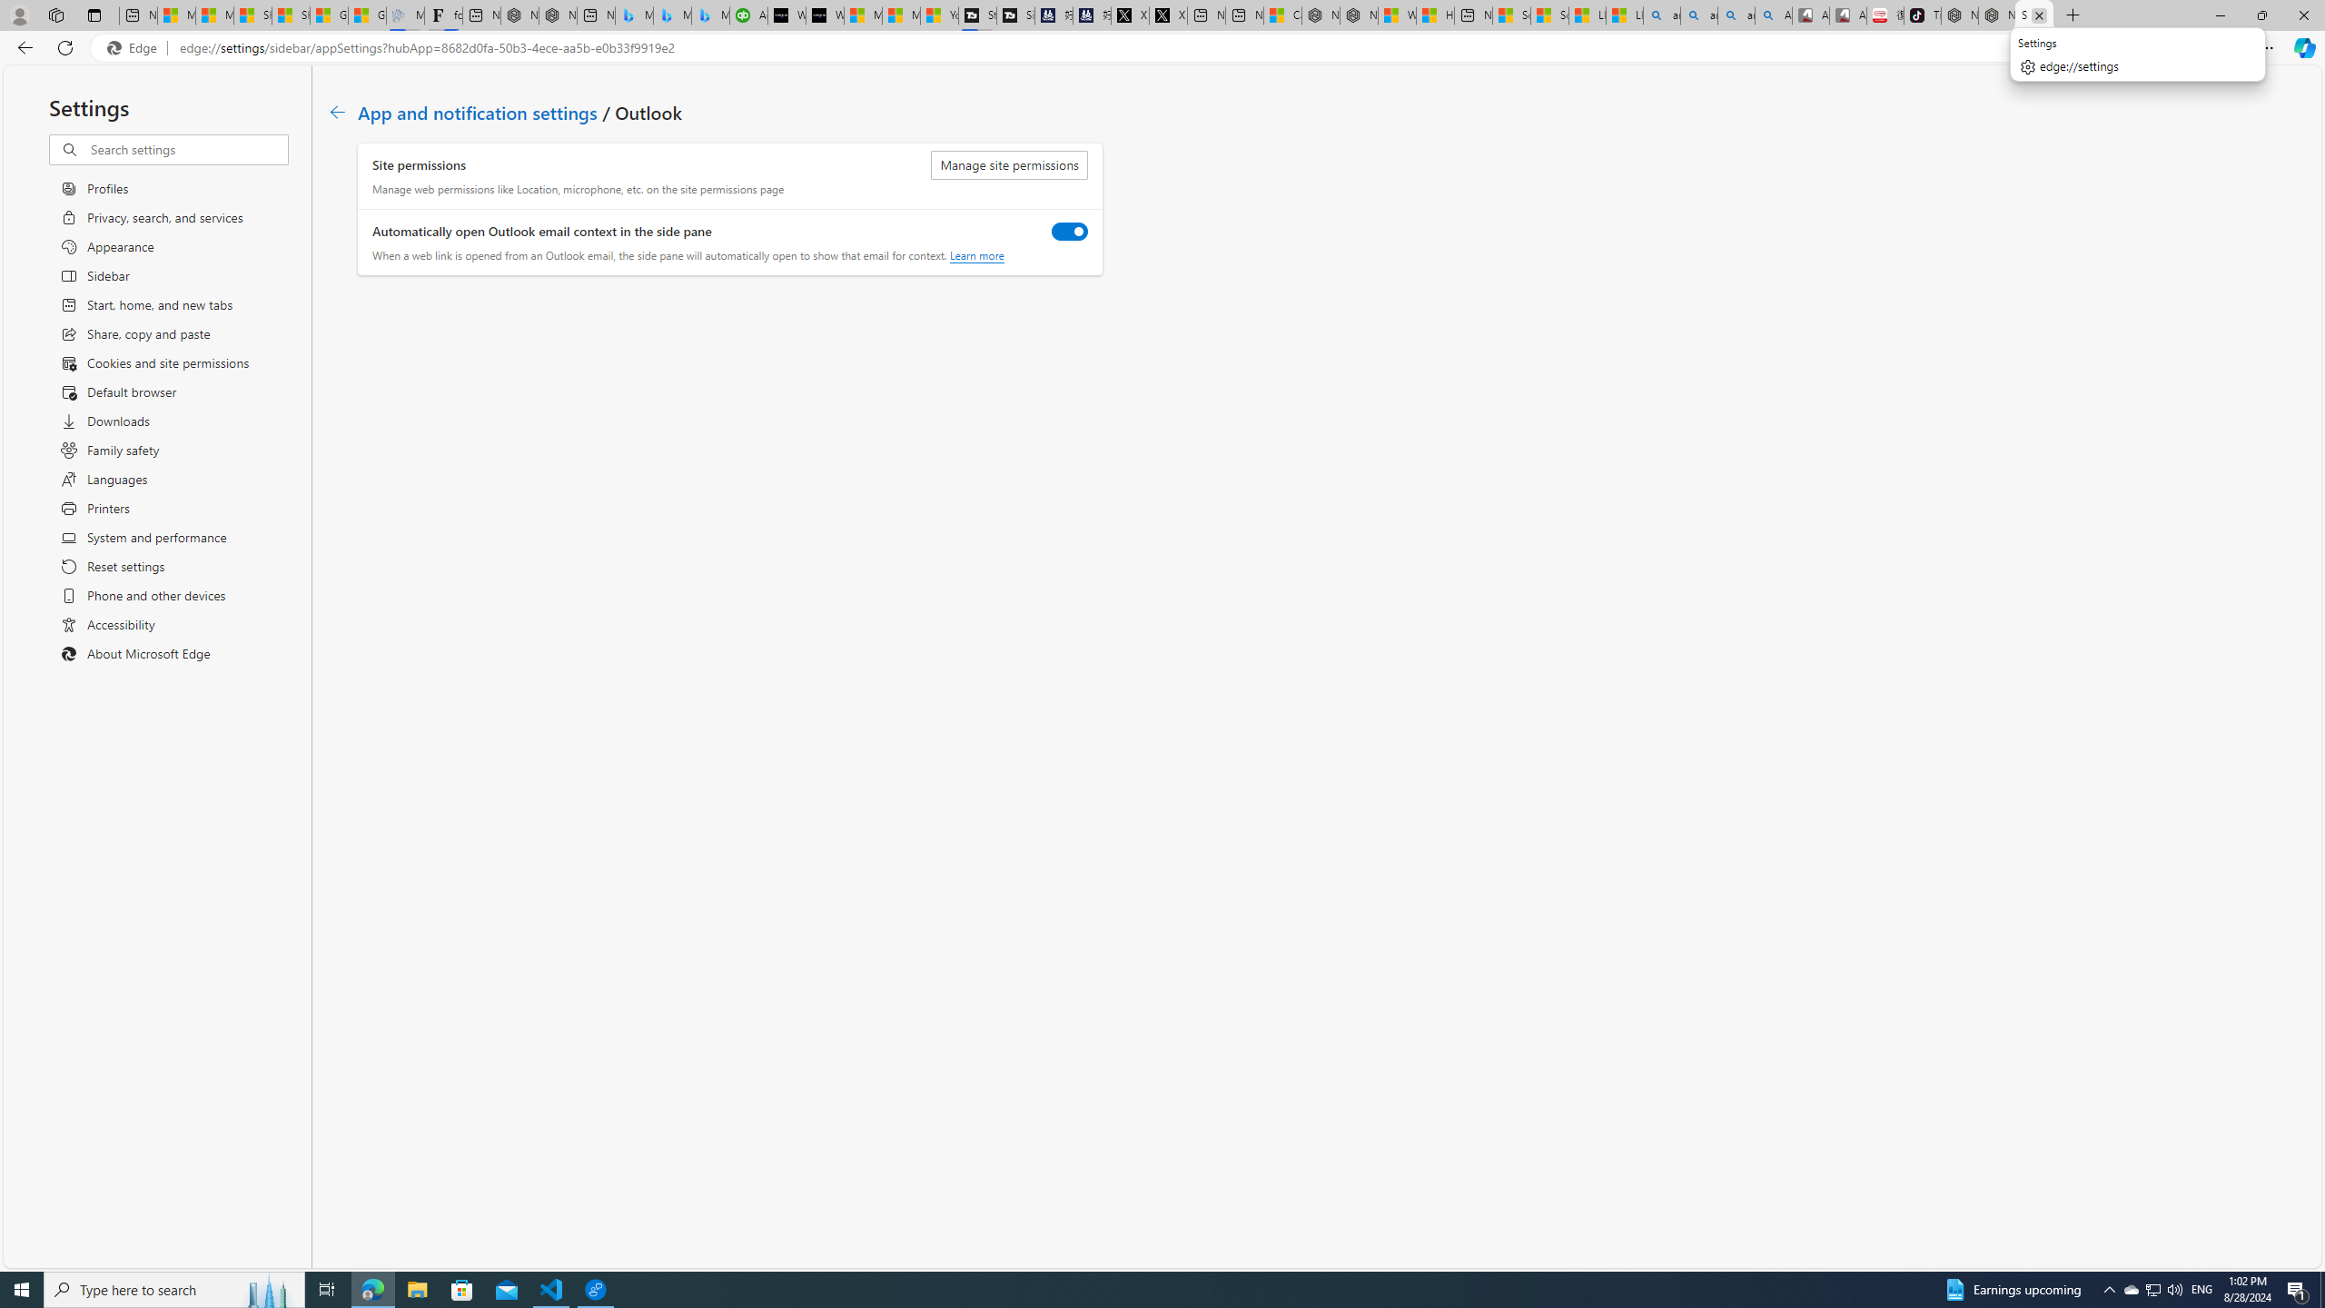 The height and width of the screenshot is (1308, 2325). I want to click on 'Class: c01188', so click(336, 111).